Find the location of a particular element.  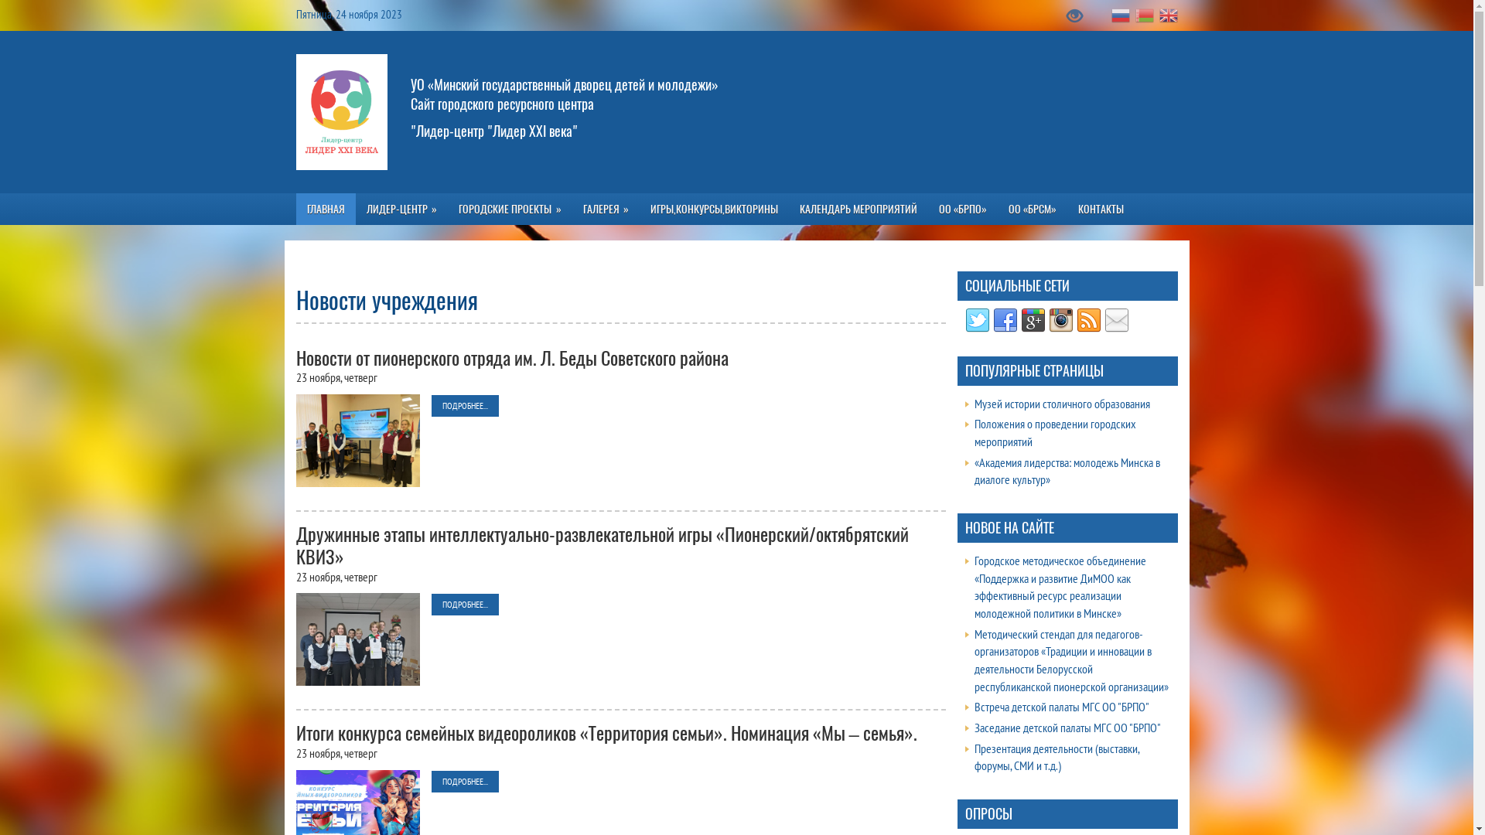

'Twitter' is located at coordinates (976, 319).